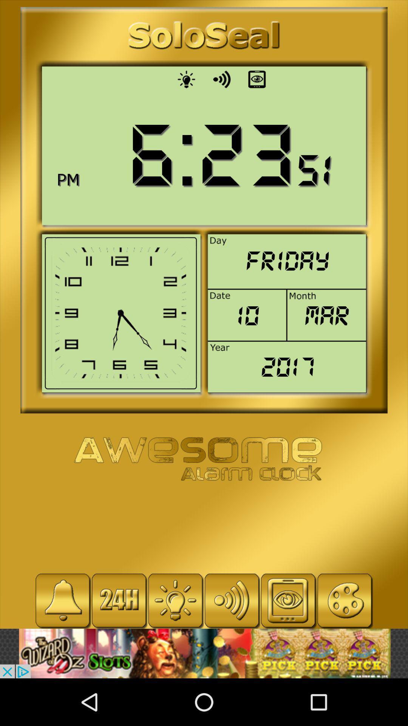 This screenshot has width=408, height=726. I want to click on the paint icon, so click(345, 600).